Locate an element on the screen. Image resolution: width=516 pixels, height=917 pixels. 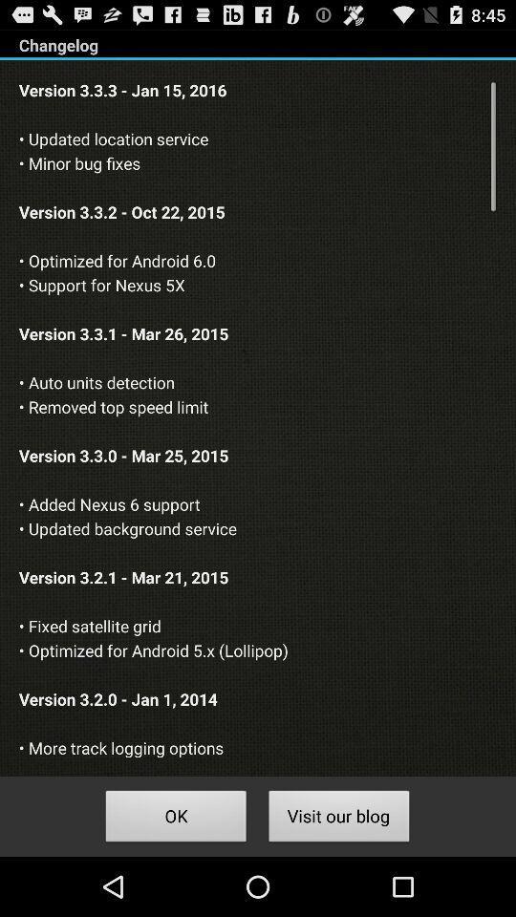
the button next to the visit our blog is located at coordinates (176, 818).